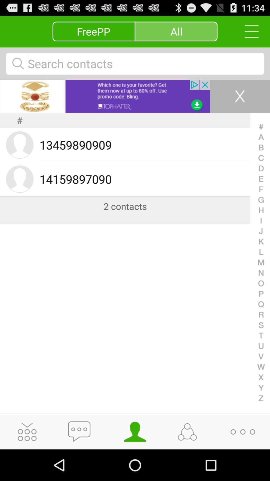  Describe the element at coordinates (80, 432) in the screenshot. I see `the text icon which is at the bottom of the iamge` at that location.